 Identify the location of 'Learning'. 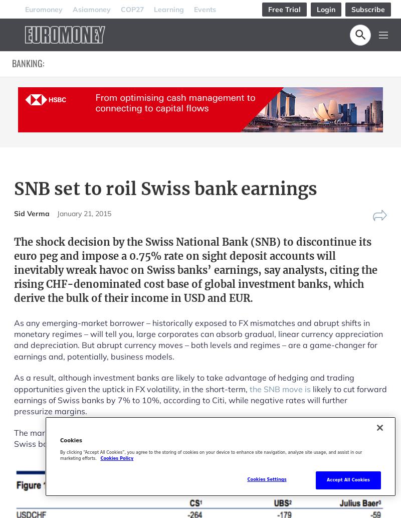
(153, 9).